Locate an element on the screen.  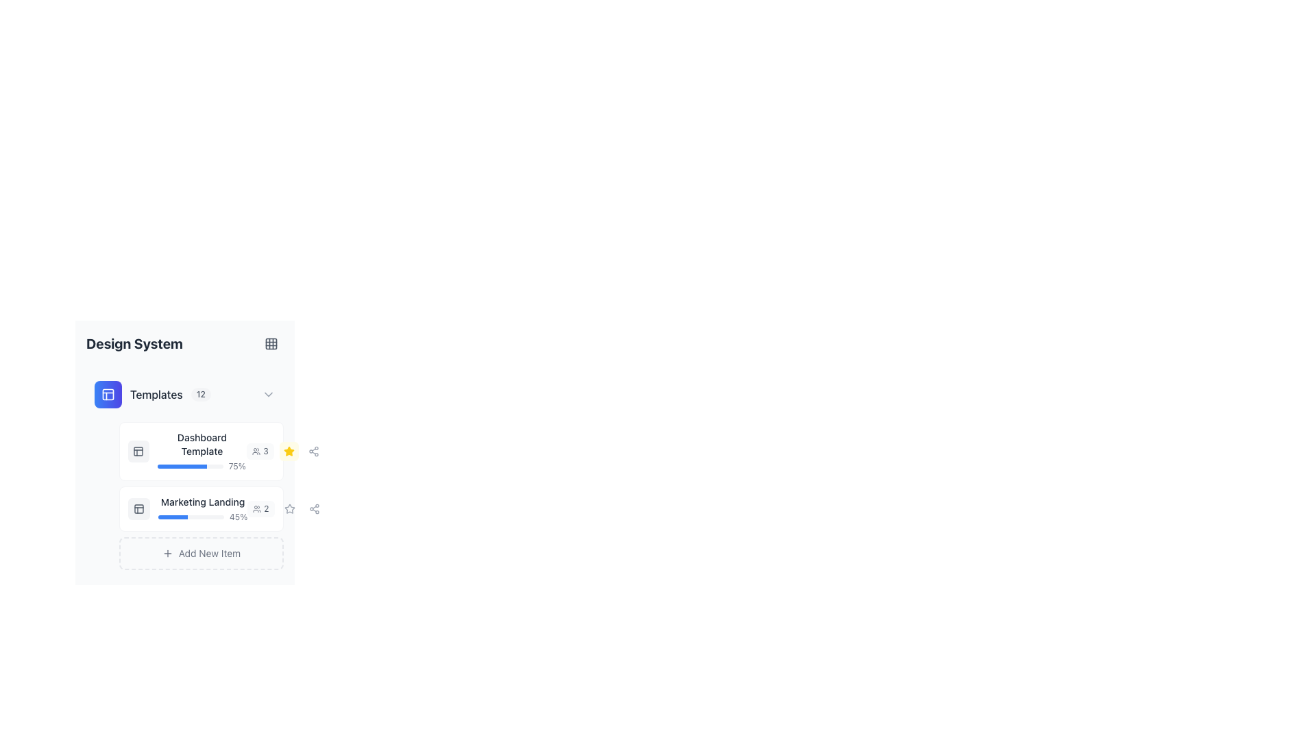
the interactive button that triggers the sharing action for the 'Marketing Landing' template, located to the right of the entry in the 'Templates' section is located at coordinates (273, 652).